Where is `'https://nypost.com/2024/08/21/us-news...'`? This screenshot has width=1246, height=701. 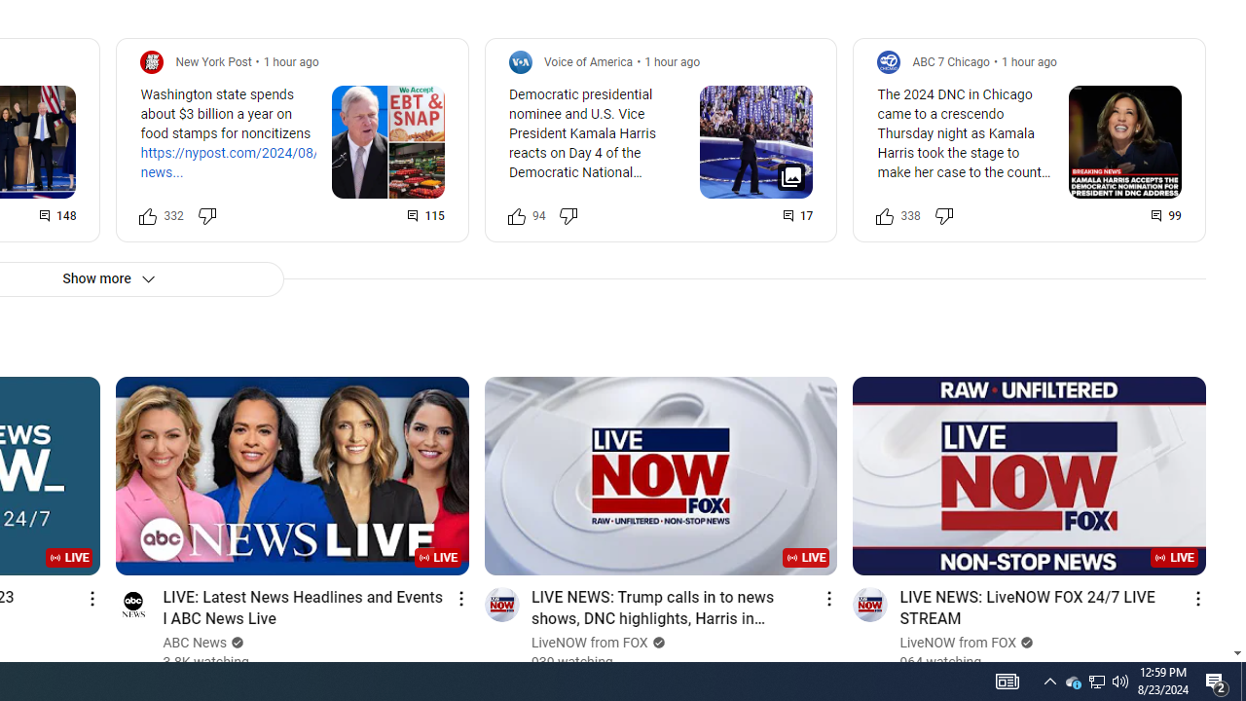 'https://nypost.com/2024/08/21/us-news...' is located at coordinates (248, 162).